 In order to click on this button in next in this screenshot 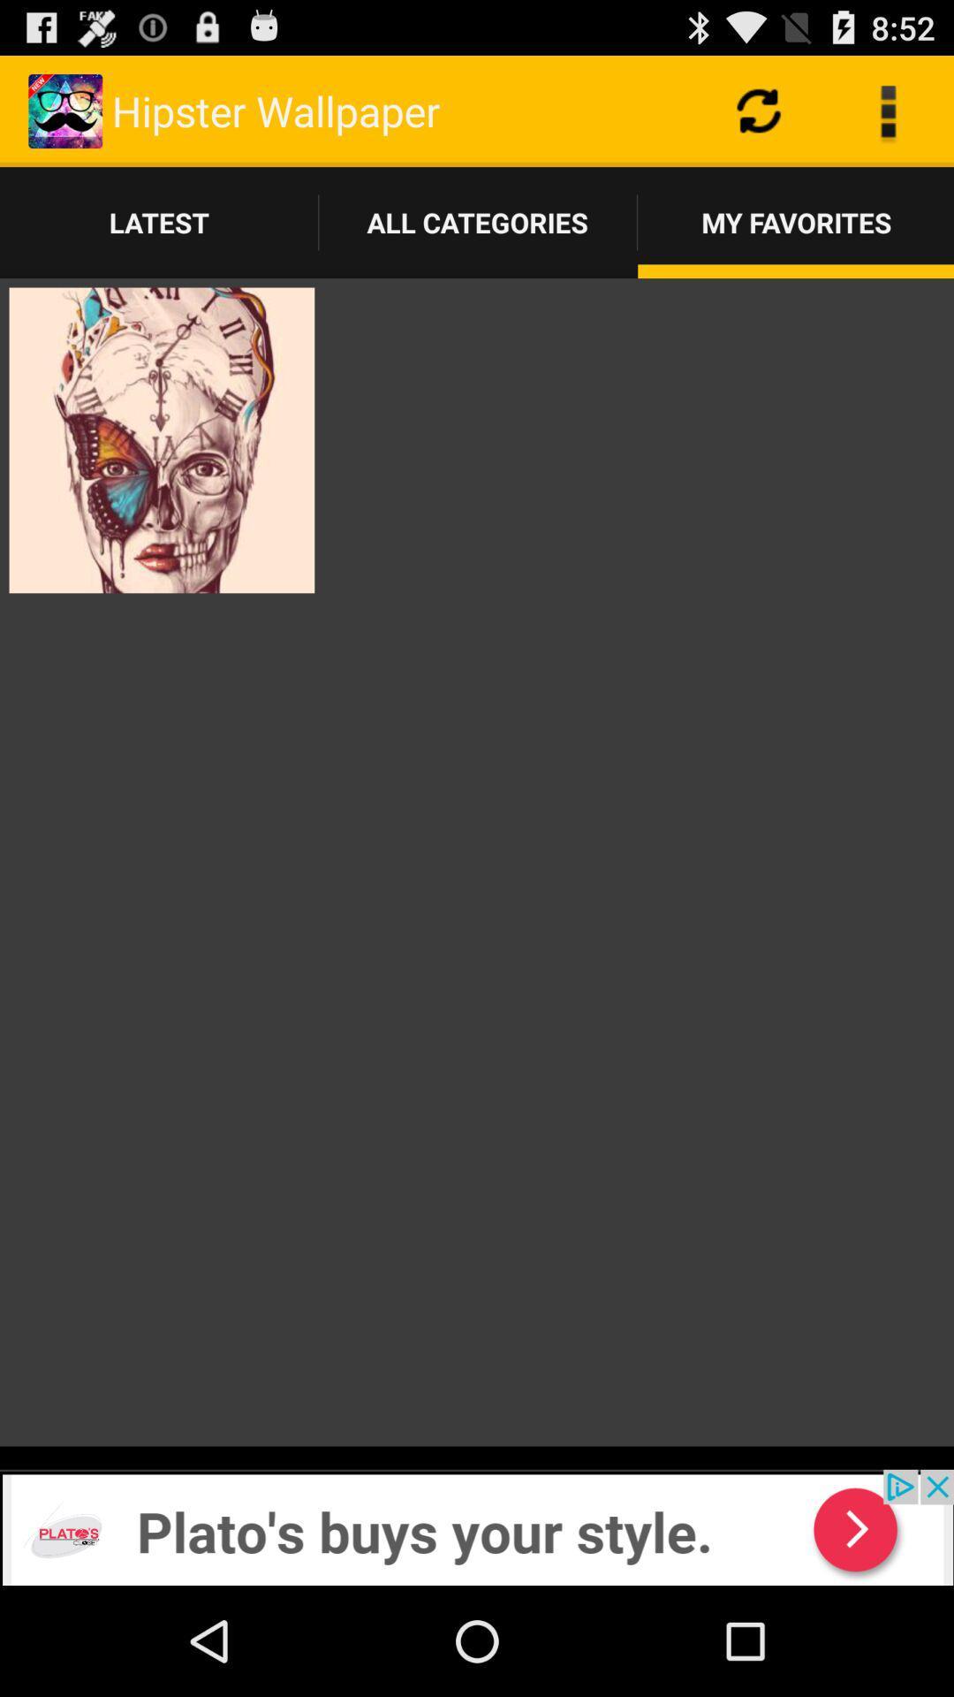, I will do `click(477, 1526)`.